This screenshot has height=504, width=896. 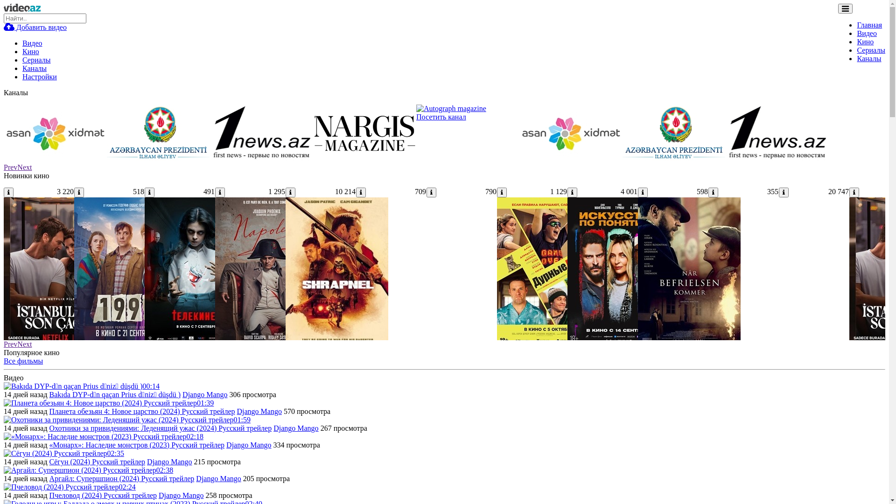 What do you see at coordinates (109, 402) in the screenshot?
I see `'01:39'` at bounding box center [109, 402].